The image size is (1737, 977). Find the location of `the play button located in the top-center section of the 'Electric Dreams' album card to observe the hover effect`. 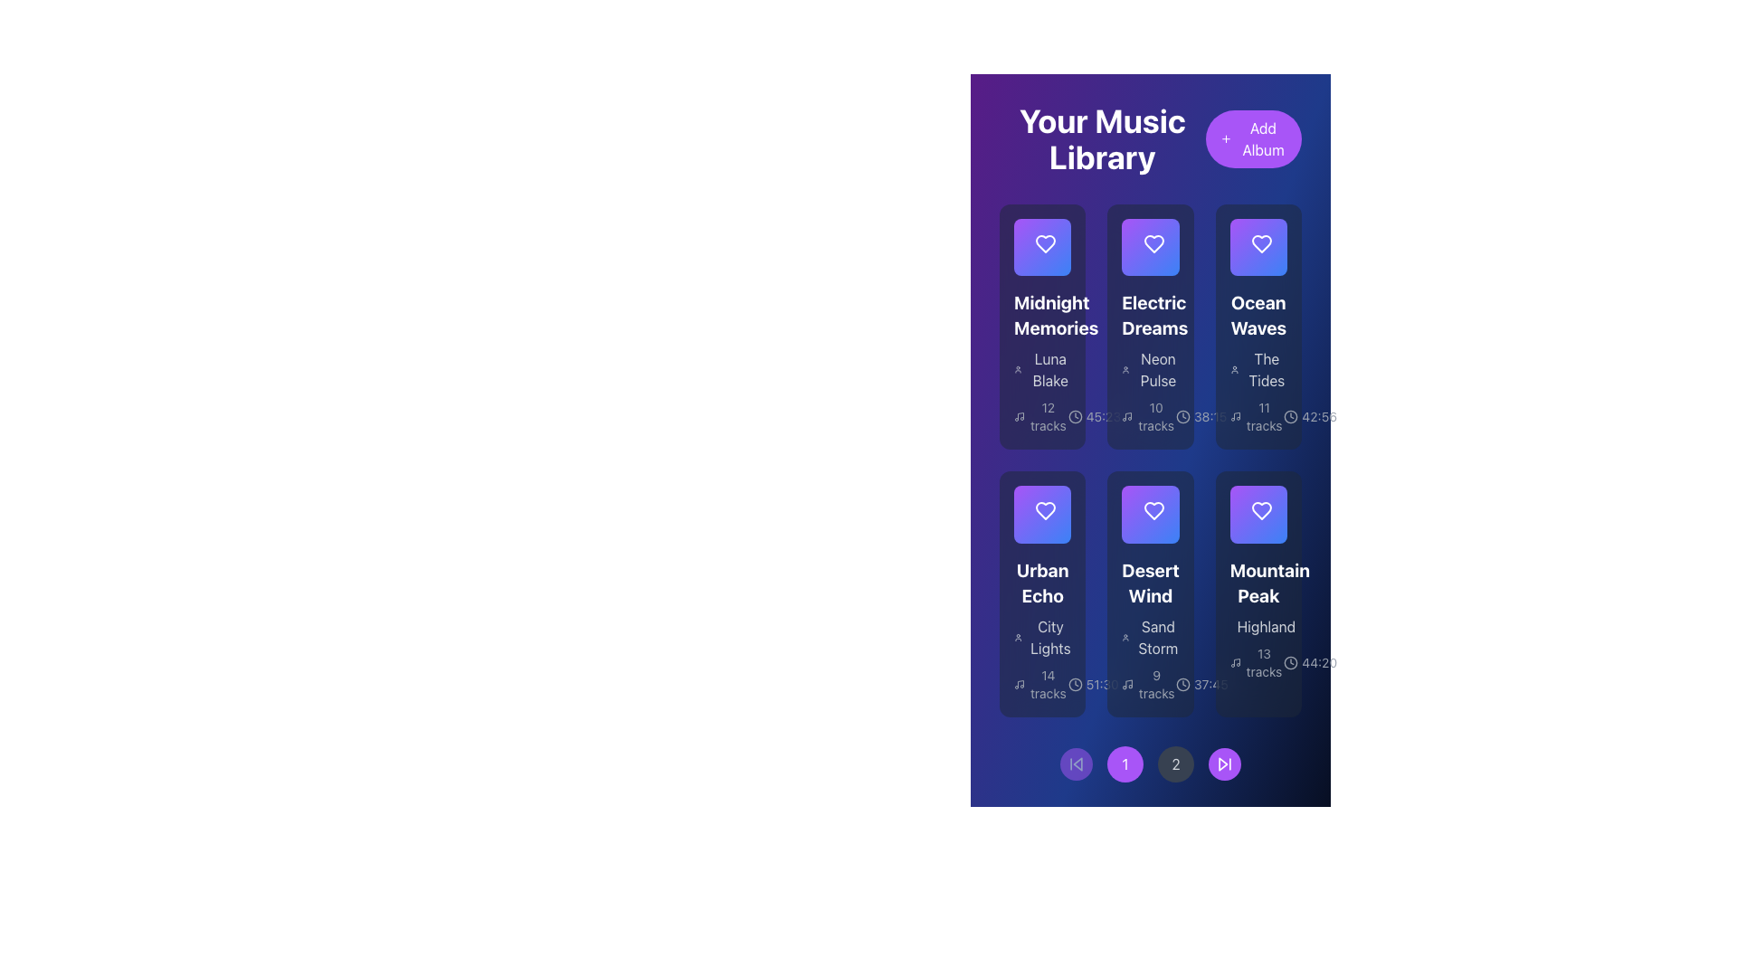

the play button located in the top-center section of the 'Electric Dreams' album card to observe the hover effect is located at coordinates (1150, 247).